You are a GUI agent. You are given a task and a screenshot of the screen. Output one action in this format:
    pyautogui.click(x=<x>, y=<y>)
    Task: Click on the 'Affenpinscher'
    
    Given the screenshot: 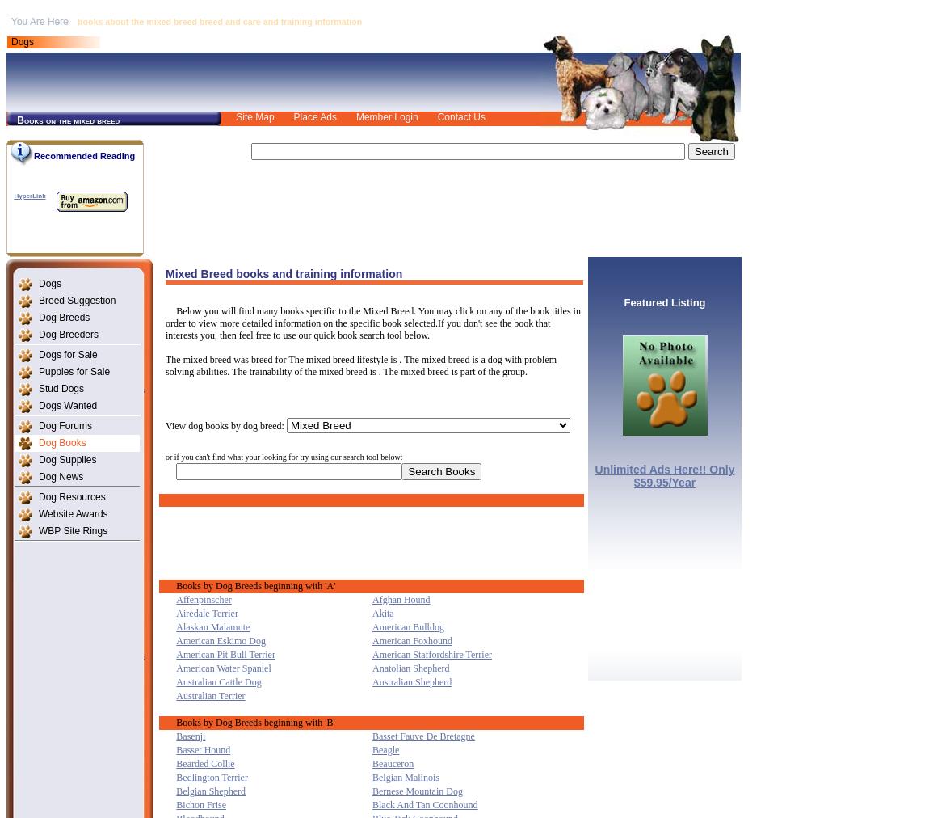 What is the action you would take?
    pyautogui.click(x=202, y=598)
    